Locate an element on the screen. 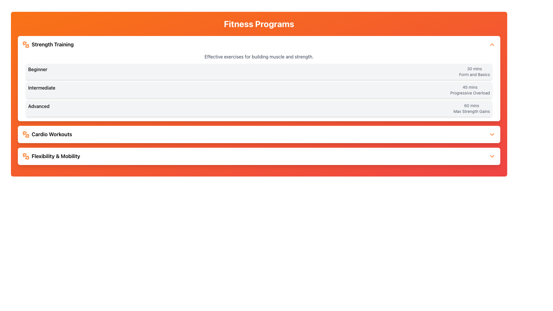  the 'Advanced' text label in the 'Strength Training' section, which is the third item in the list of training options is located at coordinates (38, 109).